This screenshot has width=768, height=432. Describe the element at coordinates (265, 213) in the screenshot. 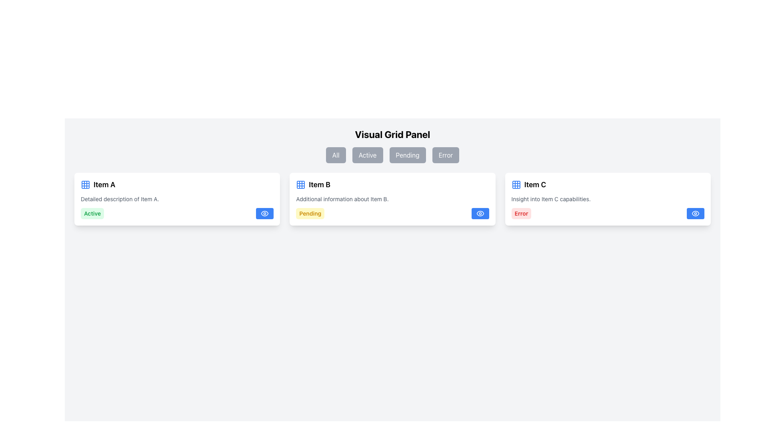

I see `the elliptical eye-like icon with a blue fill located at the bottom-right corner of the 'Item B' card` at that location.